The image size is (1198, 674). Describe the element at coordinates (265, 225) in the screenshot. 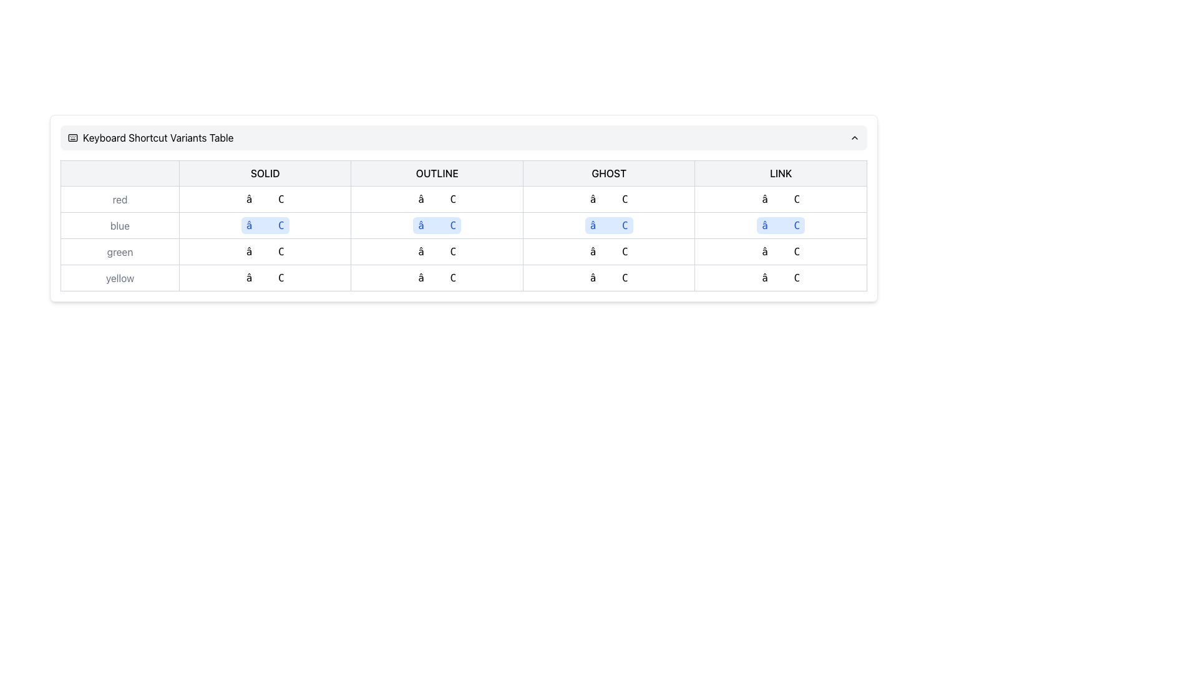

I see `the 'COPY' action button-like visual representation, which is symbolized by '⌘ C' and located in the second row labeled 'blue' and the first column labeled 'SOLID' in the table` at that location.